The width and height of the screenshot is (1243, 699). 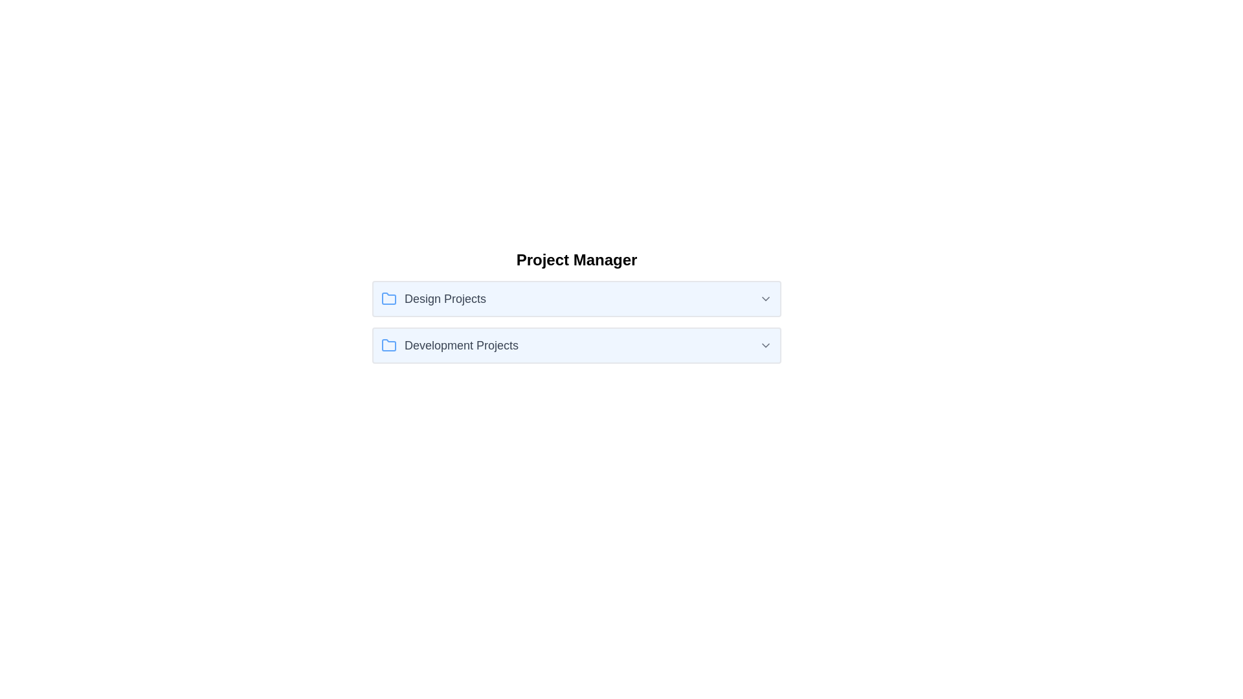 I want to click on the text label that describes the 'Design Projects' under the 'Project Manager' section, located to the right of the blue folder icon, so click(x=445, y=299).